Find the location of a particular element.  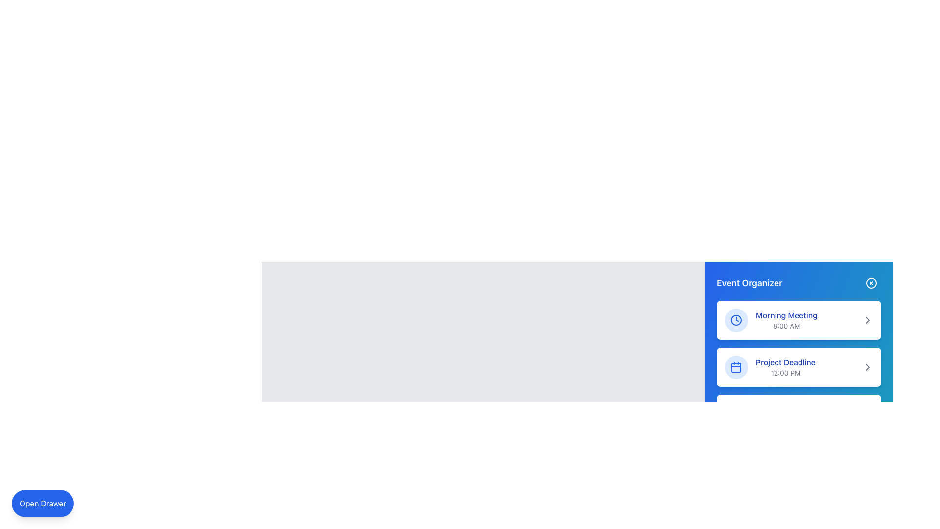

the close button located at the top-right corner of the blue Event Organizer panel is located at coordinates (871, 283).